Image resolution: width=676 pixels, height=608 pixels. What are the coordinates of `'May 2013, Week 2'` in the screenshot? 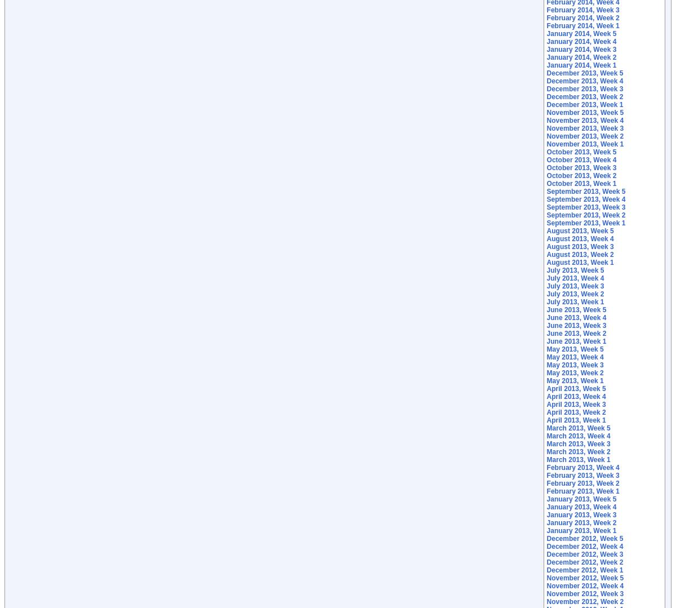 It's located at (575, 372).